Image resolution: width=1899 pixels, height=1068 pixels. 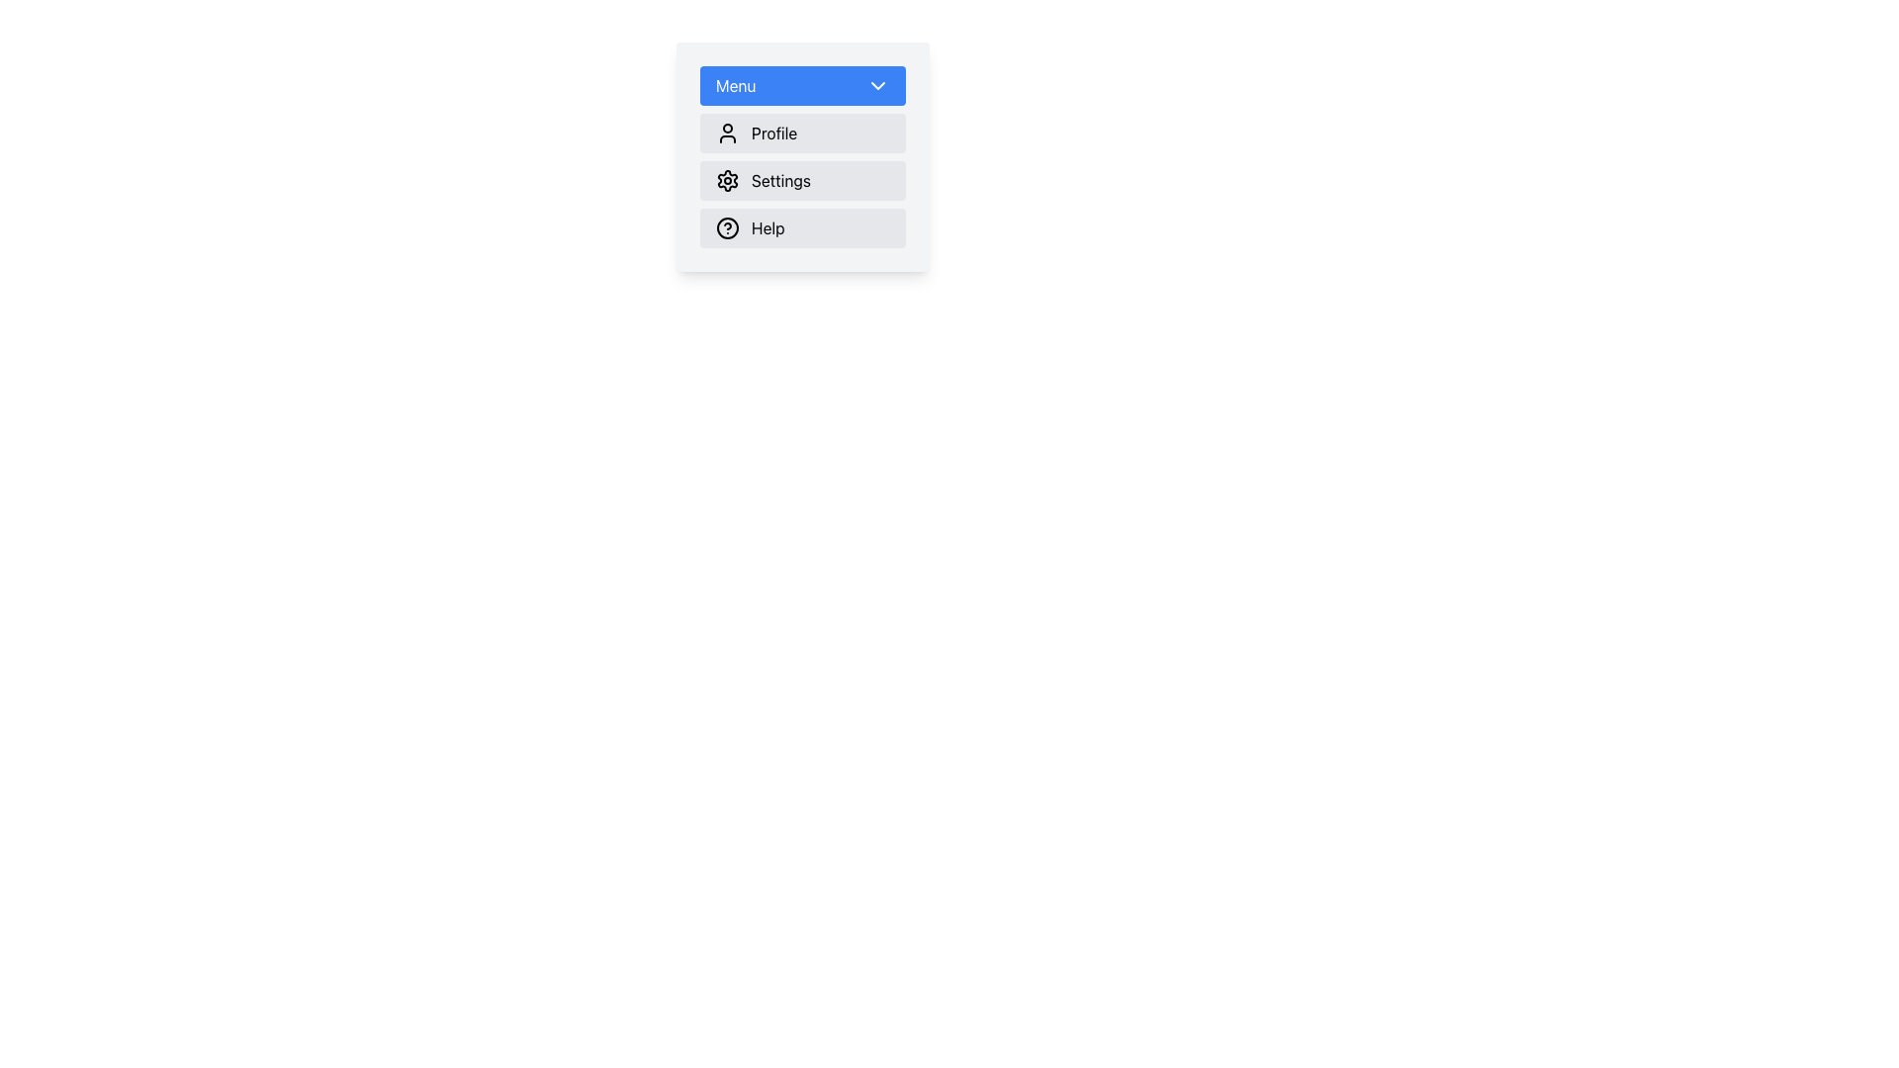 What do you see at coordinates (877, 85) in the screenshot?
I see `the downward-facing chevron icon (Dropdown indicator) on the far-right end of the blue 'Menu' button` at bounding box center [877, 85].